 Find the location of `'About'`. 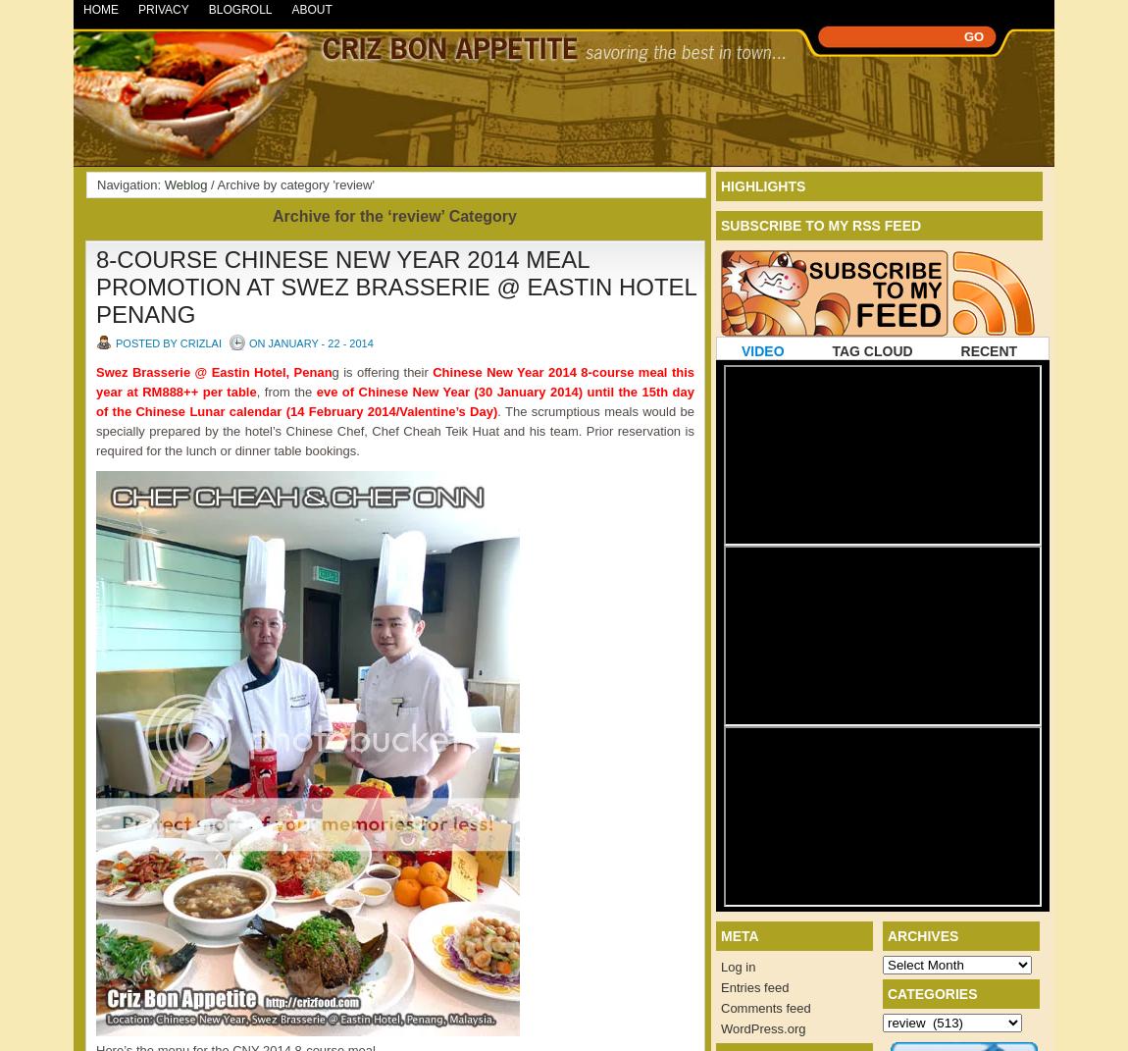

'About' is located at coordinates (291, 8).